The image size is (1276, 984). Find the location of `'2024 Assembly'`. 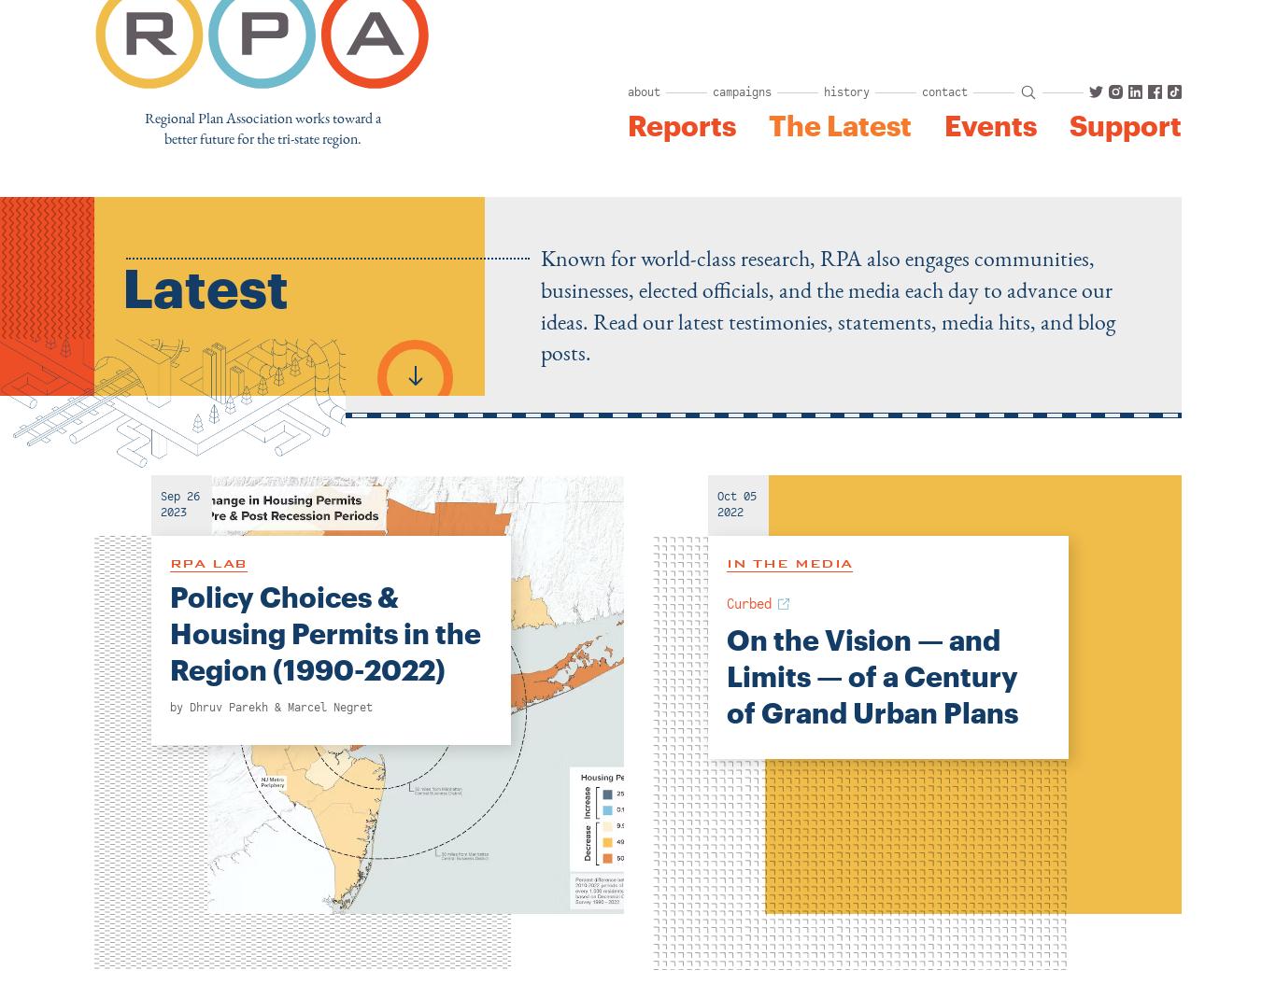

'2024 Assembly' is located at coordinates (532, 344).